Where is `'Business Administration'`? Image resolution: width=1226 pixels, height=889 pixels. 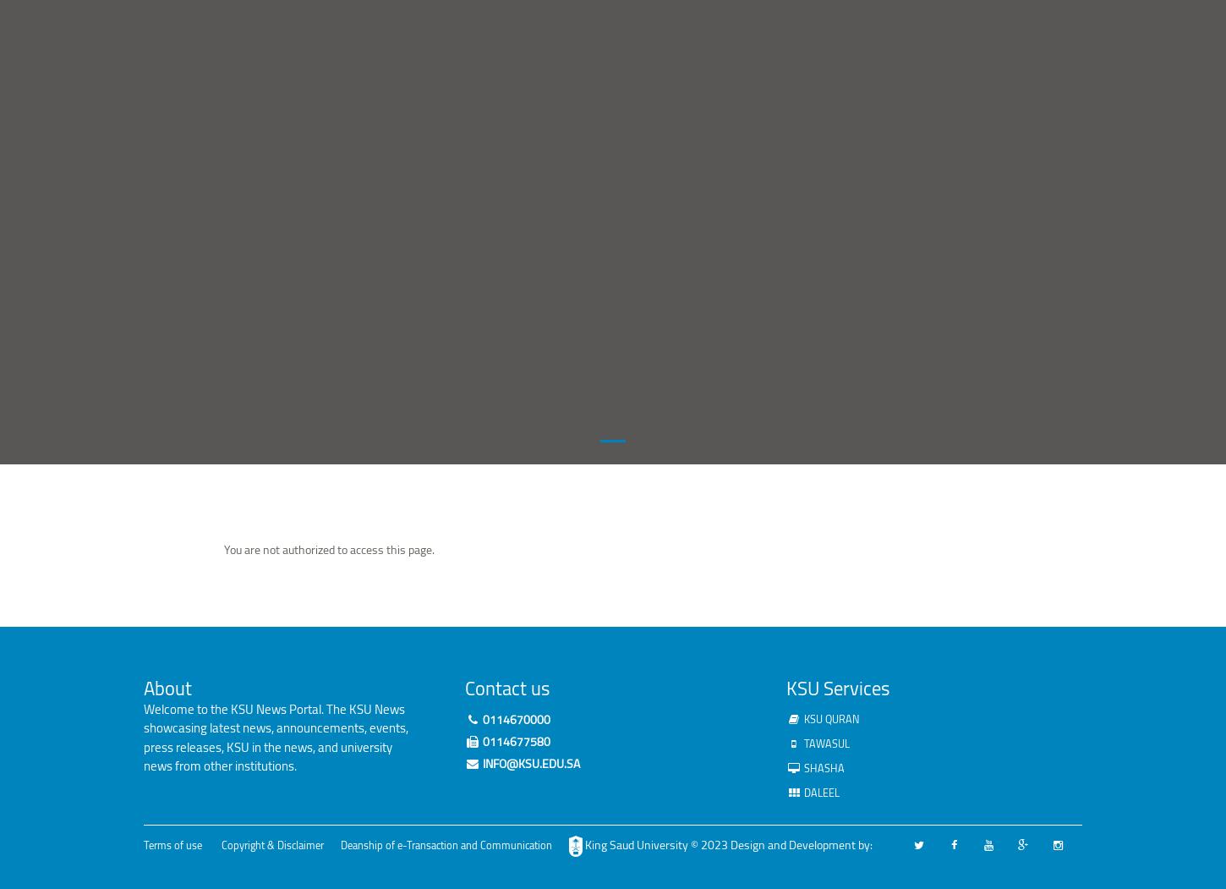 'Business Administration' is located at coordinates (501, 36).